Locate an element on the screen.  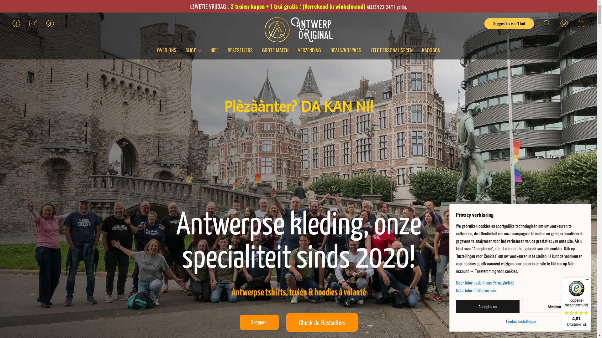
'Zoeken op website' is located at coordinates (547, 23).